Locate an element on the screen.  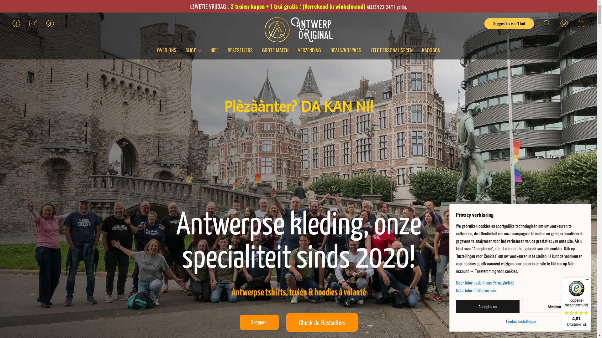
'Zoeken op website' is located at coordinates (547, 23).